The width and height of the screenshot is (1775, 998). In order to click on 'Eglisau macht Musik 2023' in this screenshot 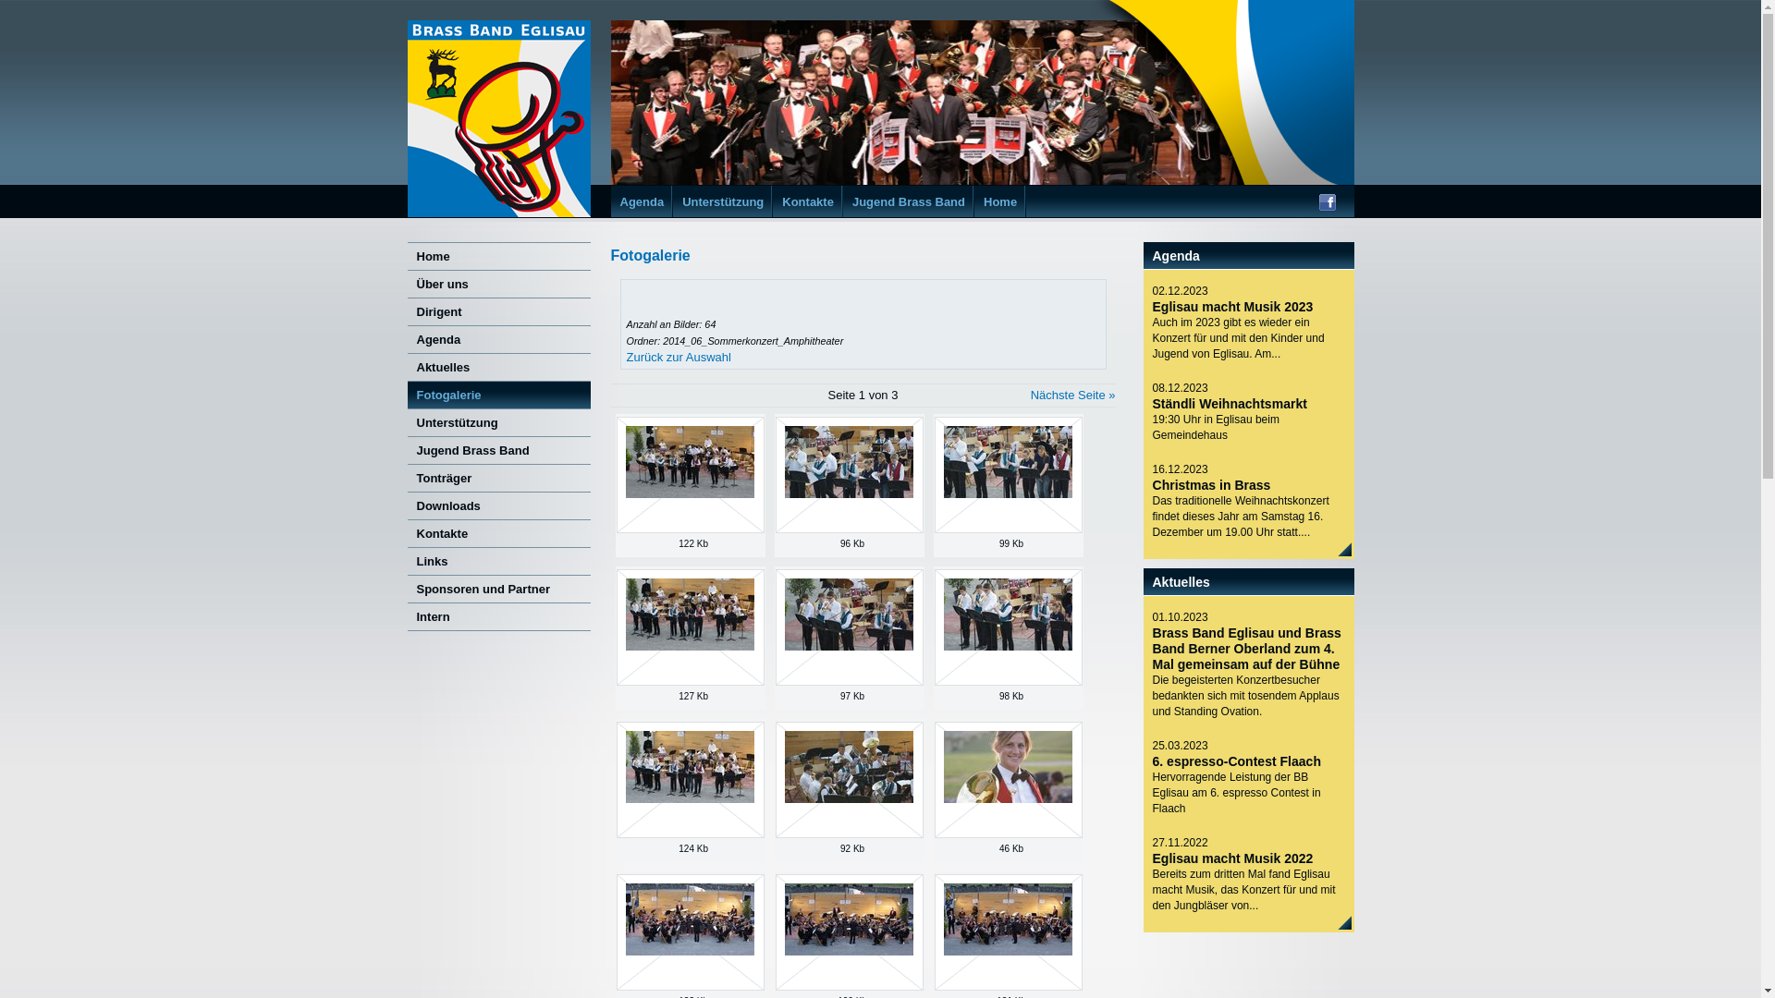, I will do `click(1232, 305)`.